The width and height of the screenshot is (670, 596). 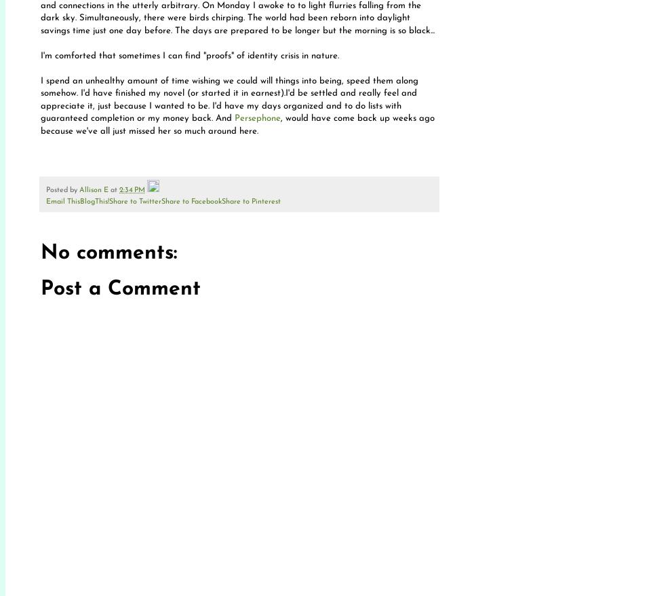 I want to click on 'No comments:', so click(x=108, y=252).